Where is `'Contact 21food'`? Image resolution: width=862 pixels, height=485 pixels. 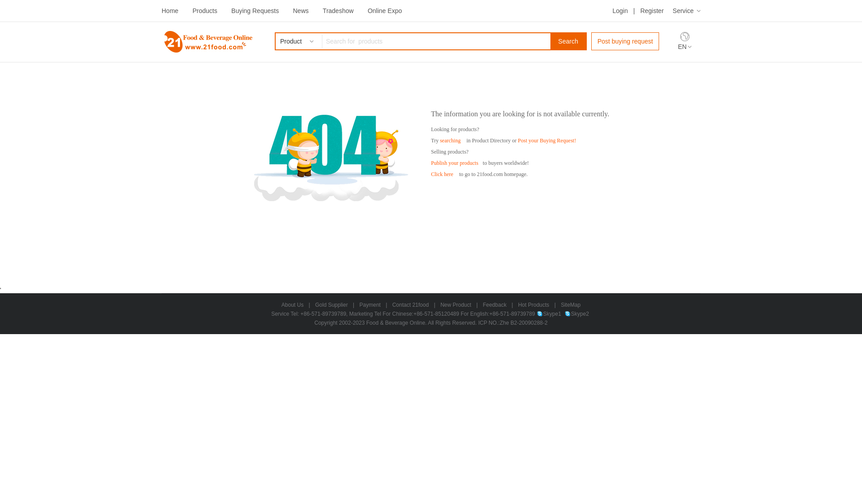 'Contact 21food' is located at coordinates (410, 304).